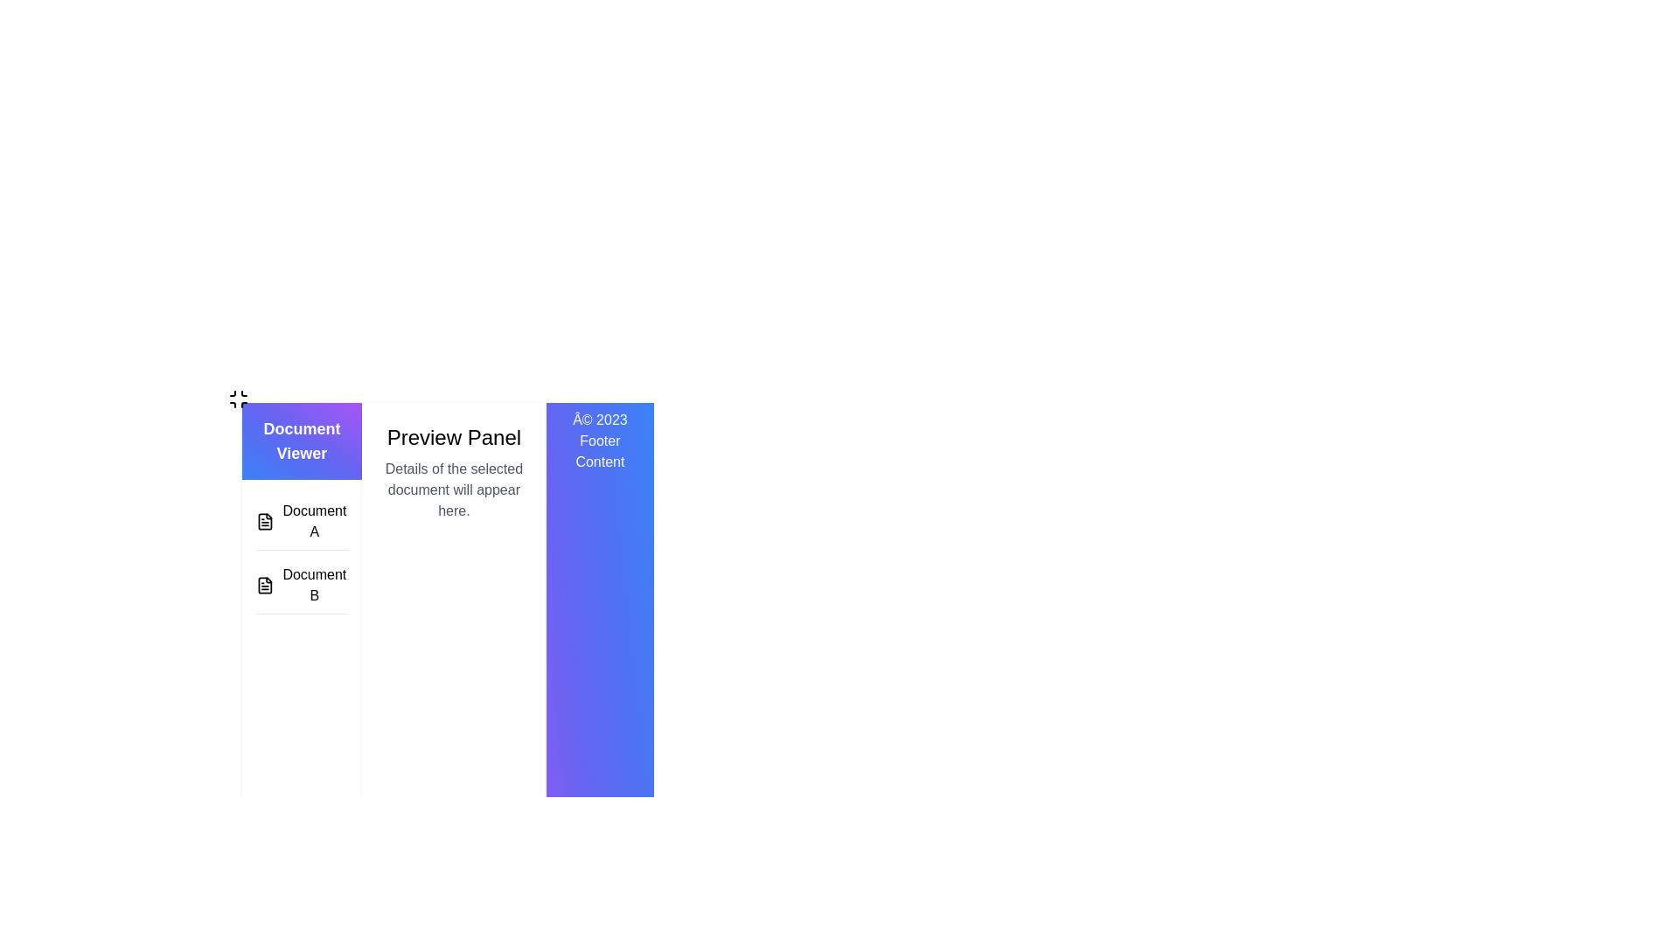 The image size is (1679, 944). I want to click on the icon of the second list item in the 'Document Viewer' for navigation or content display, so click(302, 586).